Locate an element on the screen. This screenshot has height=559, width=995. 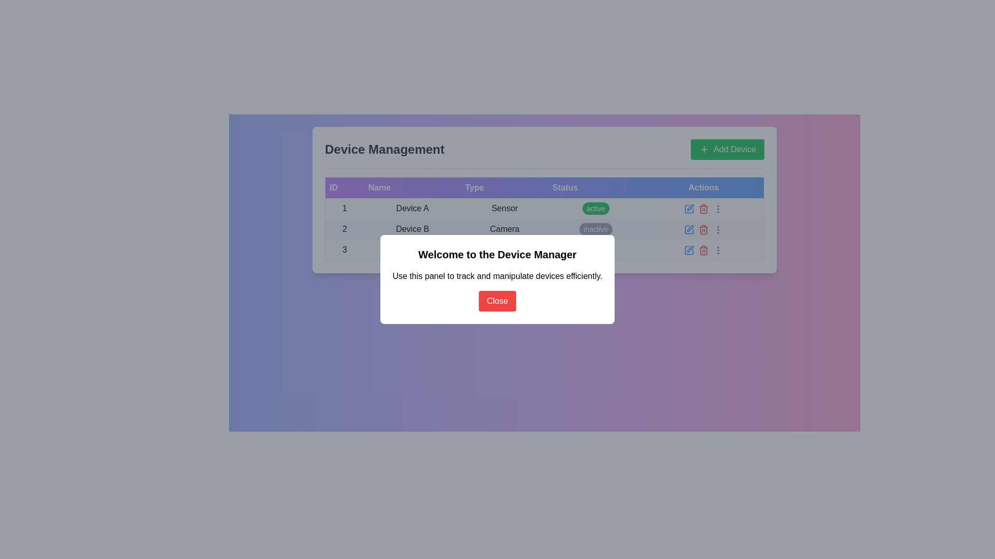
the Status indicator badge for 'Device B' in the 'Device Management' table, located in the second row, fourth column, which indicates its current state as 'inactive.' is located at coordinates (596, 229).